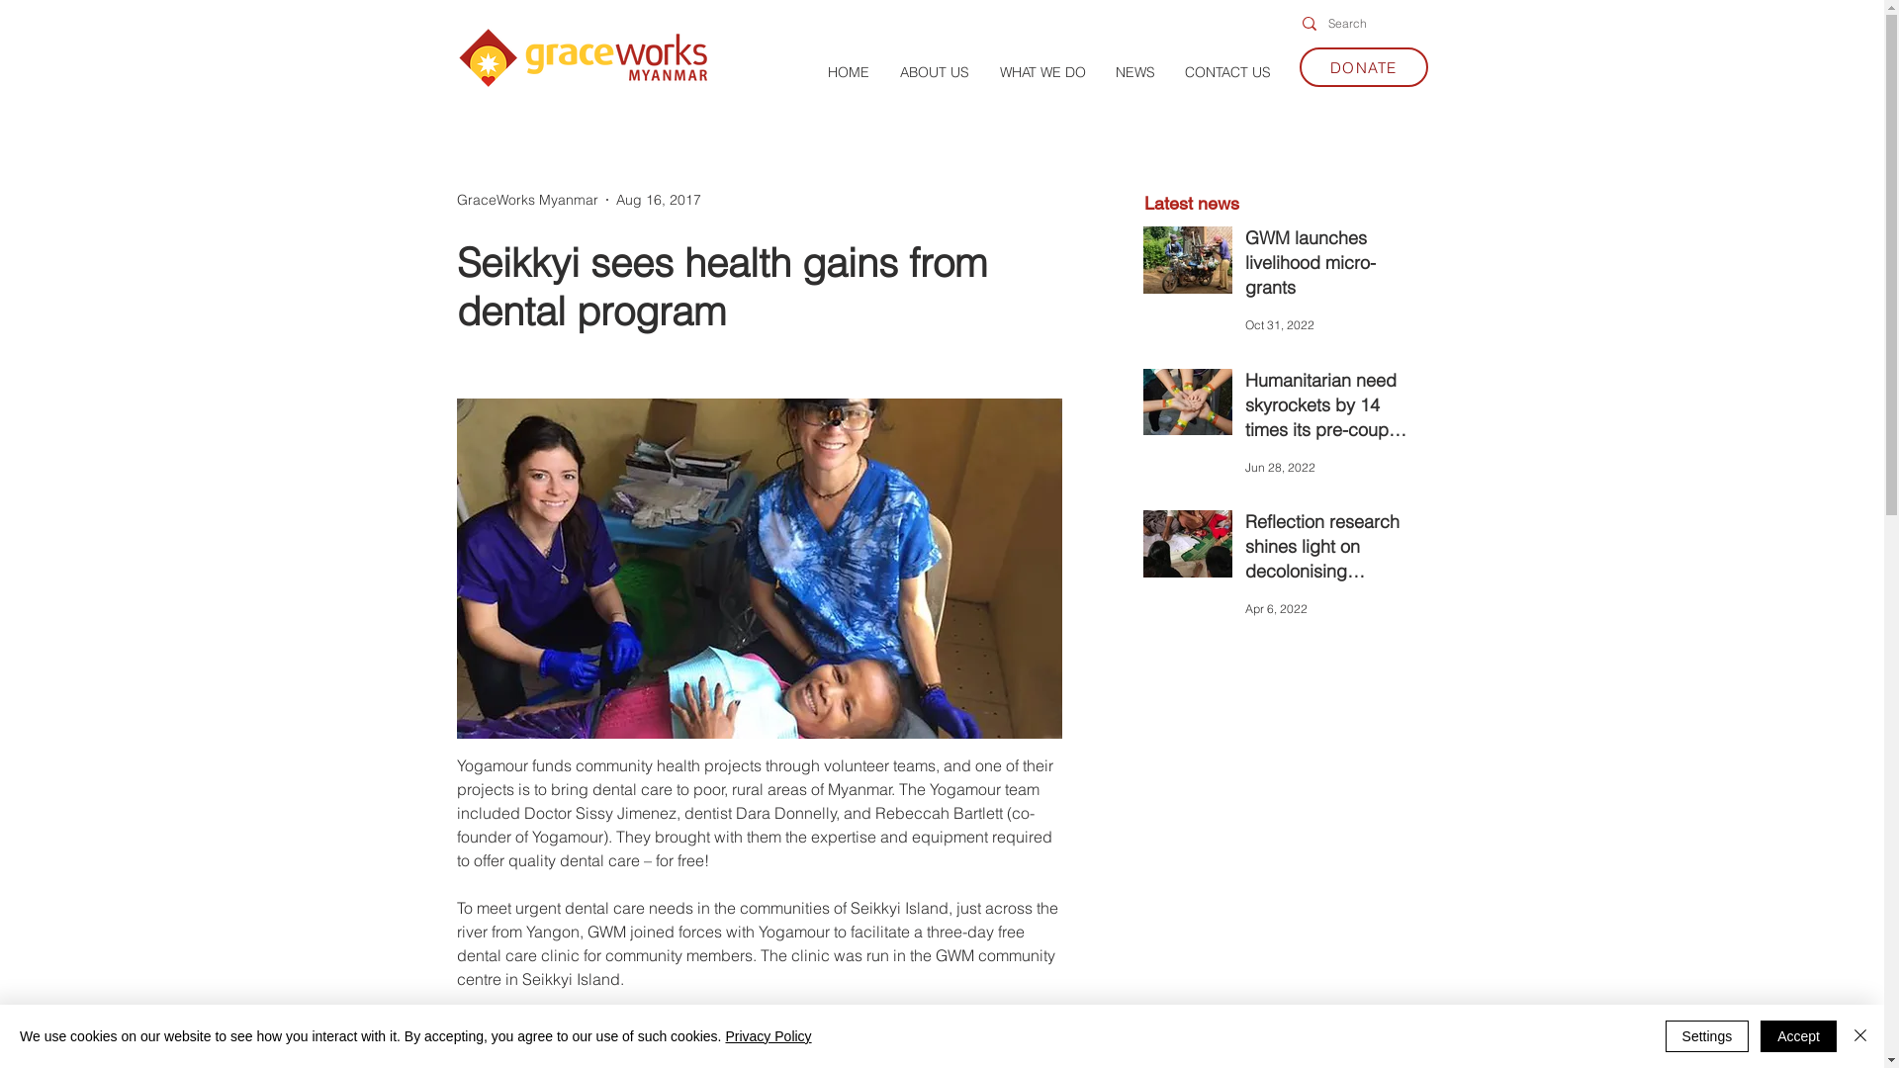 This screenshot has height=1068, width=1899. What do you see at coordinates (1329, 550) in the screenshot?
I see `'Reflection research shines light on decolonising evaluation'` at bounding box center [1329, 550].